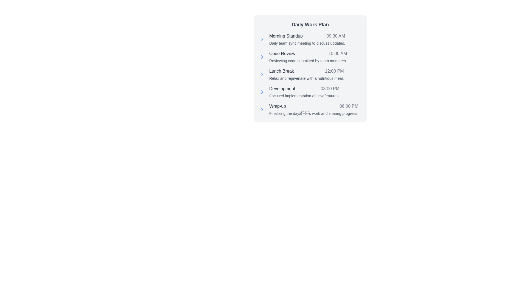 The height and width of the screenshot is (296, 527). Describe the element at coordinates (304, 92) in the screenshot. I see `the third list item in the 'Daily Work Plan' section titled 'Development' which occurs at '03:00 PM' and describes 'Focused implementation of new features.'` at that location.